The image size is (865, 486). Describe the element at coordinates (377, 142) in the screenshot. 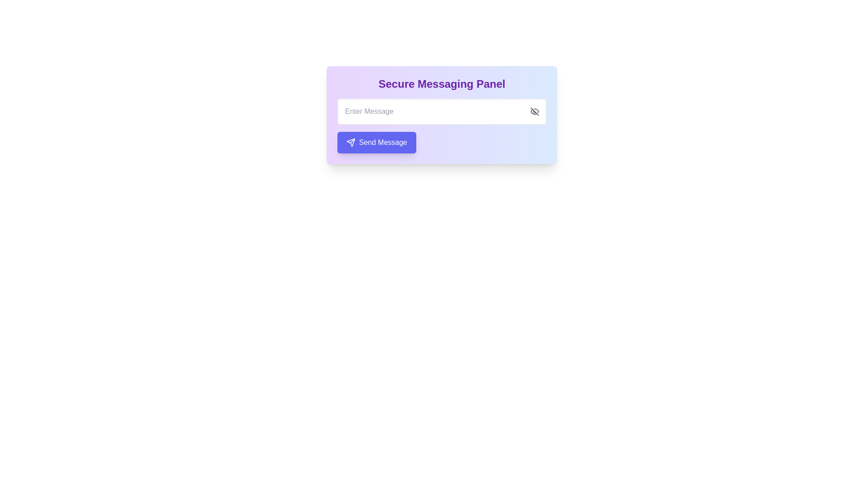

I see `the send message button located at the bottom-left corner of the 'Secure Messaging Panel'` at that location.